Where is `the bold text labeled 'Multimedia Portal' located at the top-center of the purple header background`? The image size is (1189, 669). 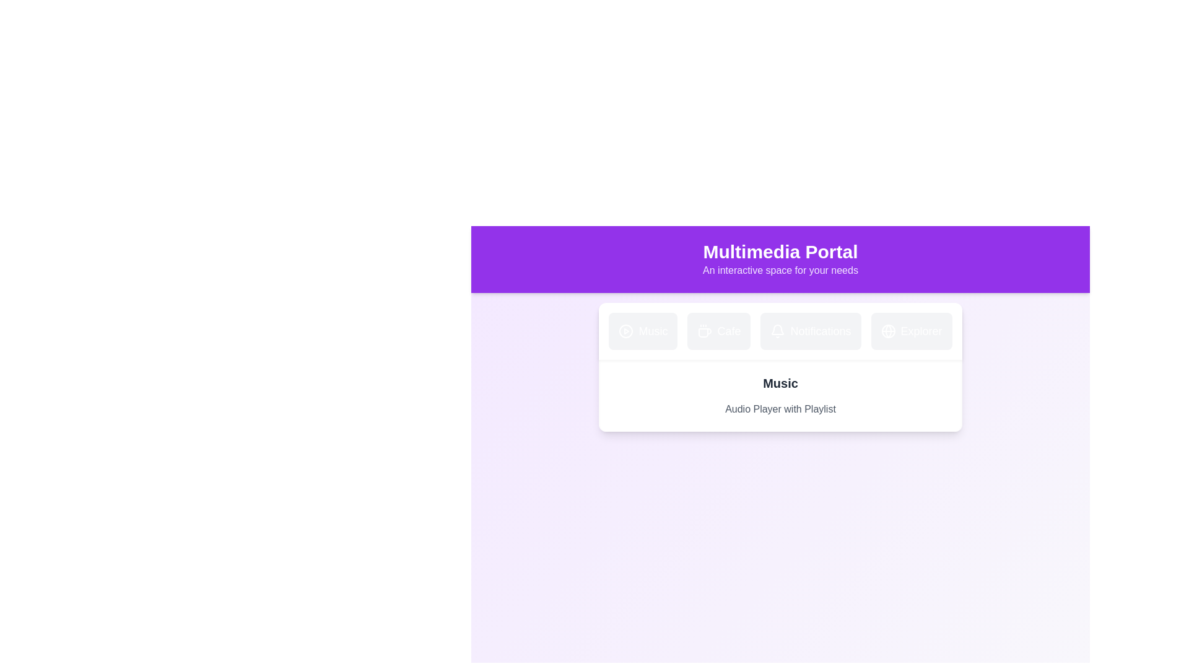 the bold text labeled 'Multimedia Portal' located at the top-center of the purple header background is located at coordinates (780, 251).